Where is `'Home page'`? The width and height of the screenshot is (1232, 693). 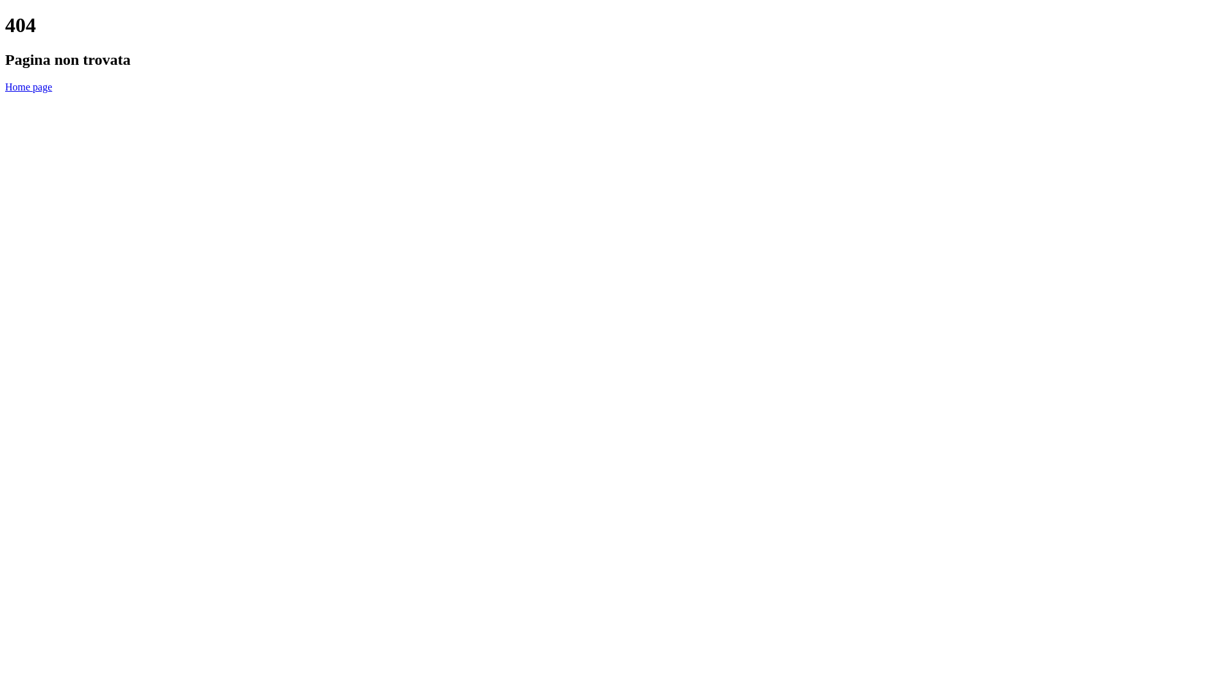 'Home page' is located at coordinates (28, 87).